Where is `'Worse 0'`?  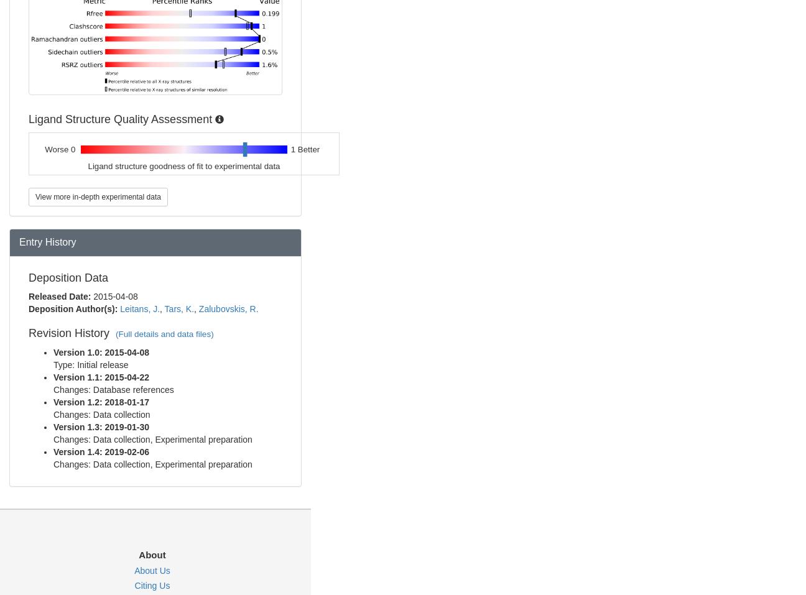 'Worse 0' is located at coordinates (60, 148).